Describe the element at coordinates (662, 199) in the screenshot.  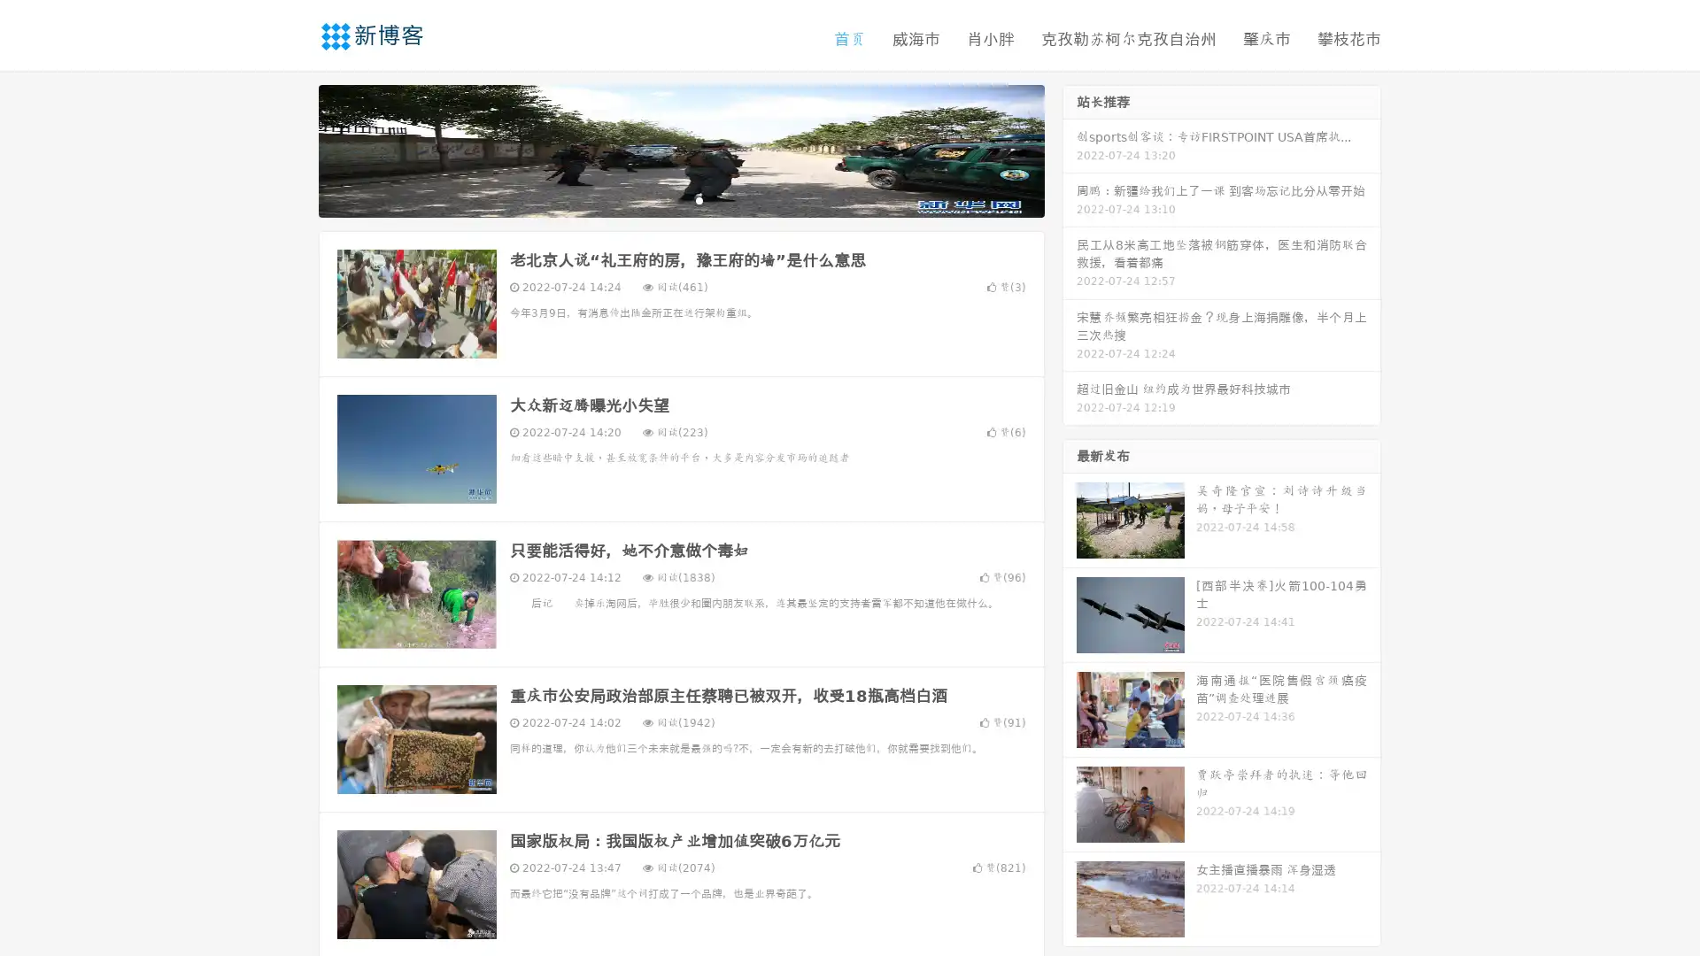
I see `Go to slide 1` at that location.